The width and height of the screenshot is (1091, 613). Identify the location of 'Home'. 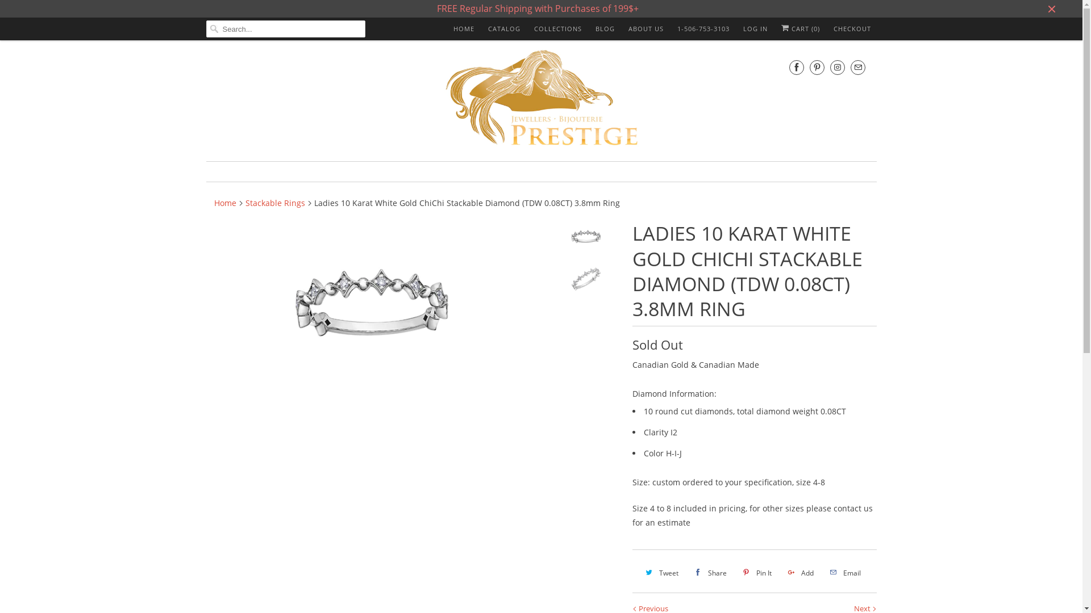
(224, 202).